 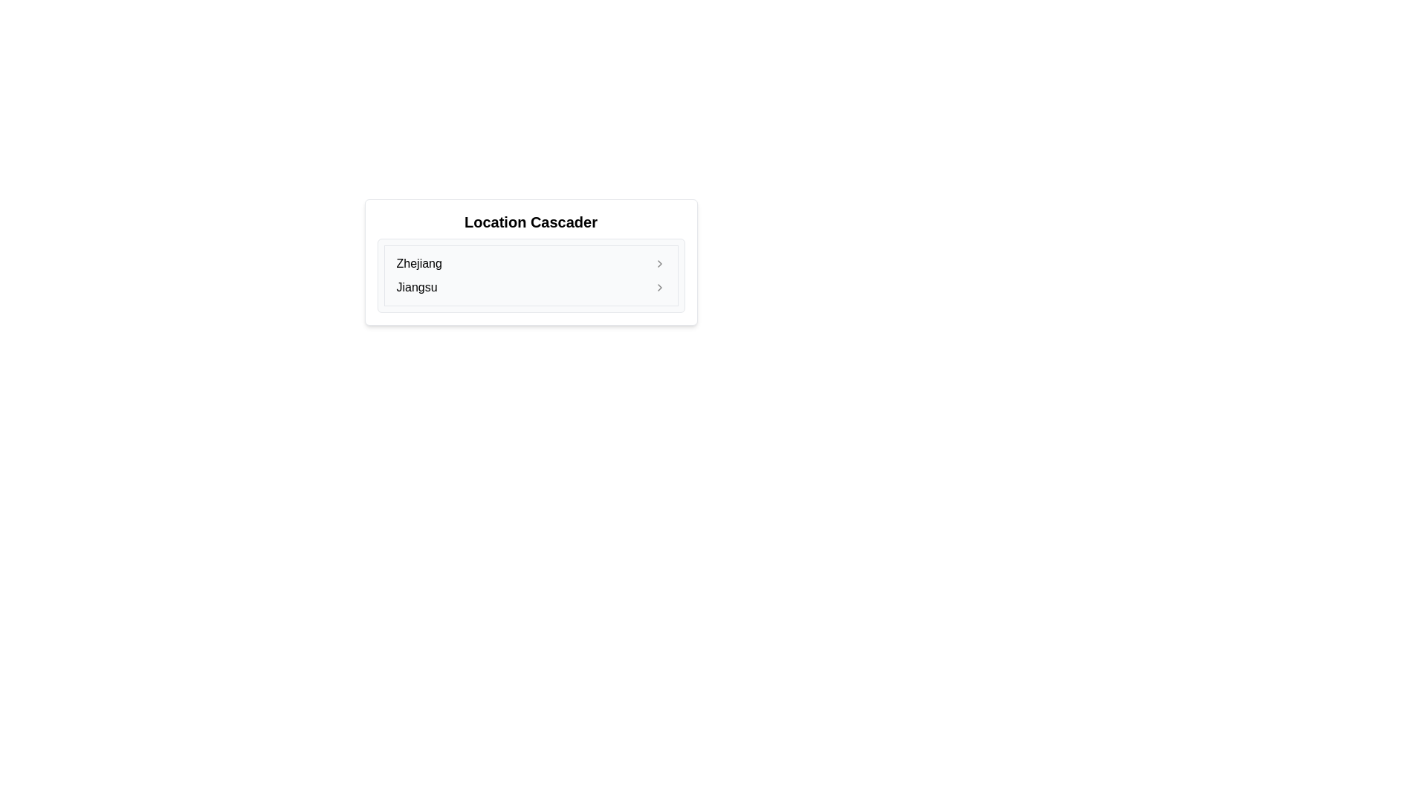 What do you see at coordinates (659, 287) in the screenshot?
I see `the small gray chevron icon pointing to the right, located to the far right of the row containing the text 'Jiangsu'` at bounding box center [659, 287].